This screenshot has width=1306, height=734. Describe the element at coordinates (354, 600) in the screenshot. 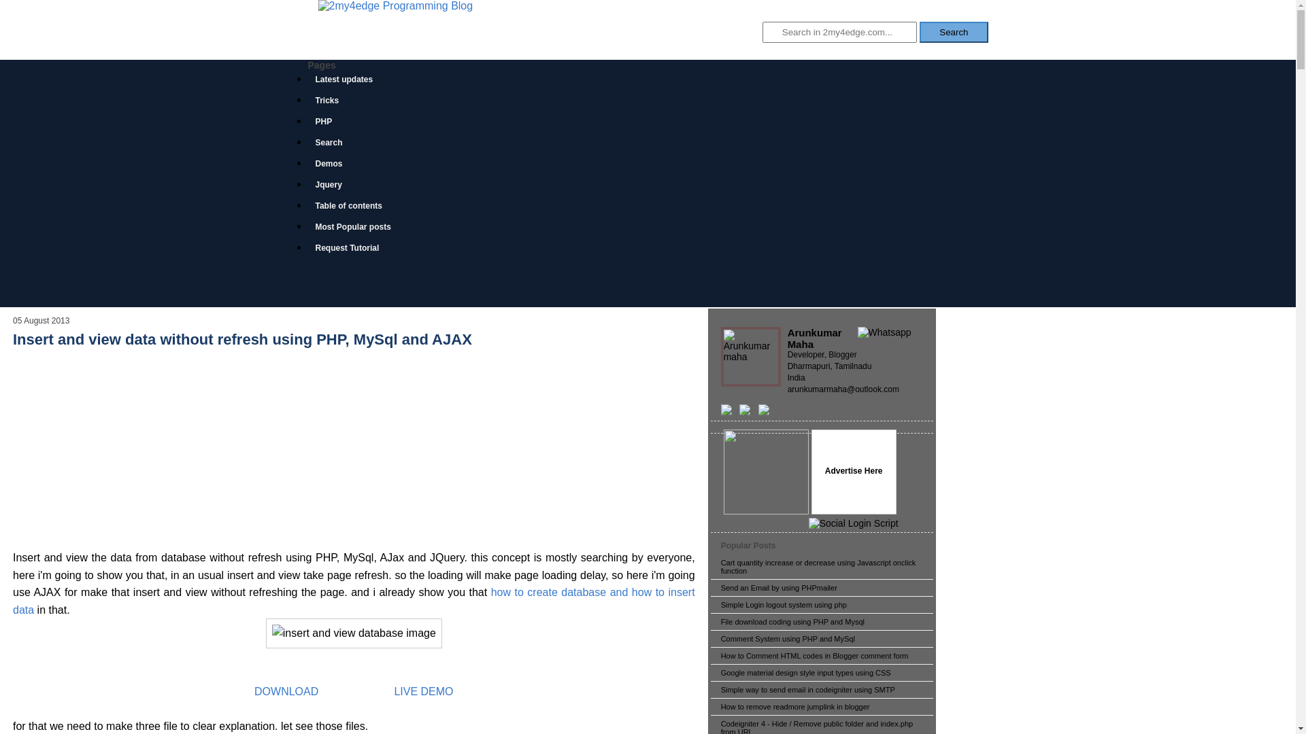

I see `'how to create database and how to insert data'` at that location.